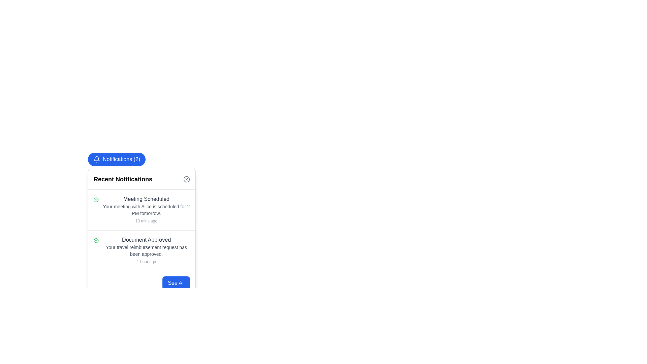 This screenshot has width=647, height=364. What do you see at coordinates (96, 200) in the screenshot?
I see `the non-interactive notification icon that indicates a positive status, located to the left of the text 'Meeting Scheduled'` at bounding box center [96, 200].